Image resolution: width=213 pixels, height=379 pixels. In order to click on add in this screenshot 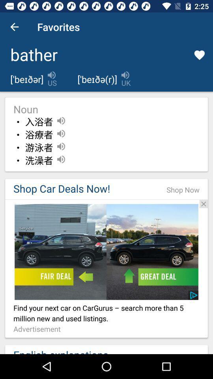, I will do `click(106, 251)`.